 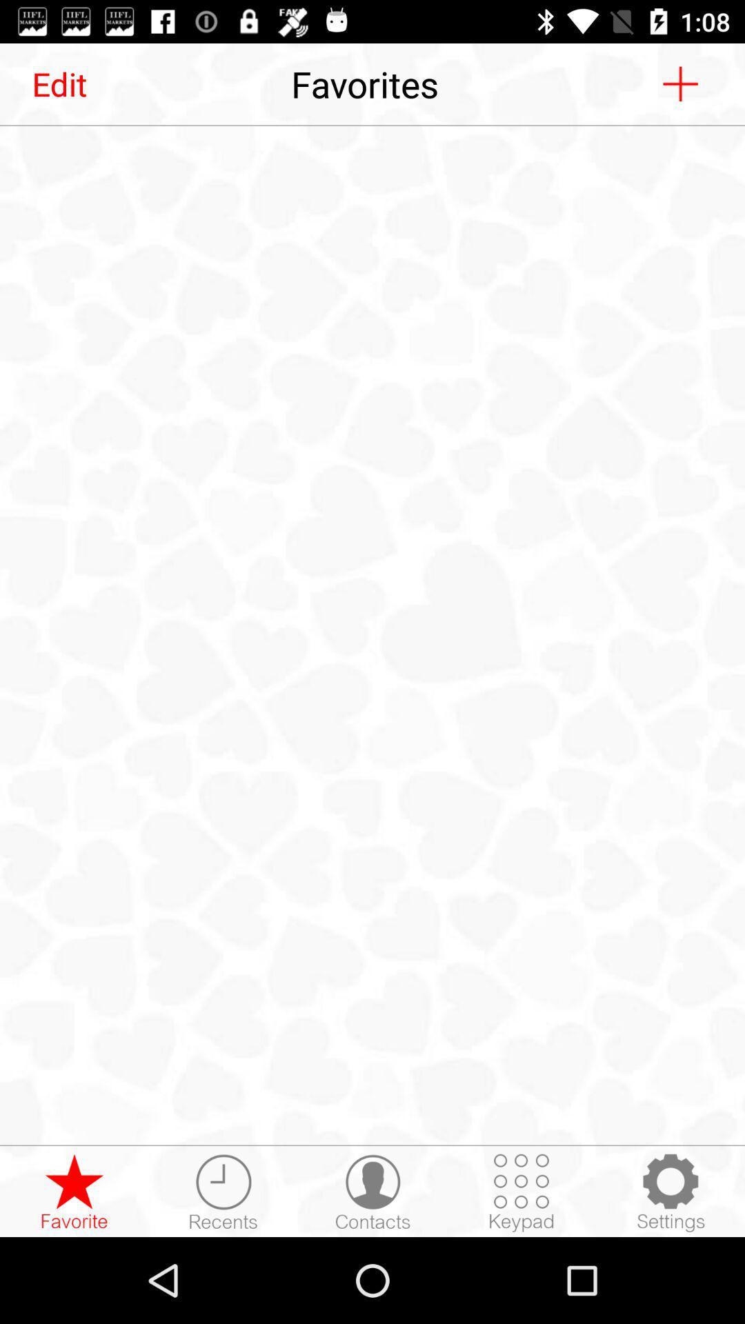 What do you see at coordinates (521, 1192) in the screenshot?
I see `the dialpad icon` at bounding box center [521, 1192].